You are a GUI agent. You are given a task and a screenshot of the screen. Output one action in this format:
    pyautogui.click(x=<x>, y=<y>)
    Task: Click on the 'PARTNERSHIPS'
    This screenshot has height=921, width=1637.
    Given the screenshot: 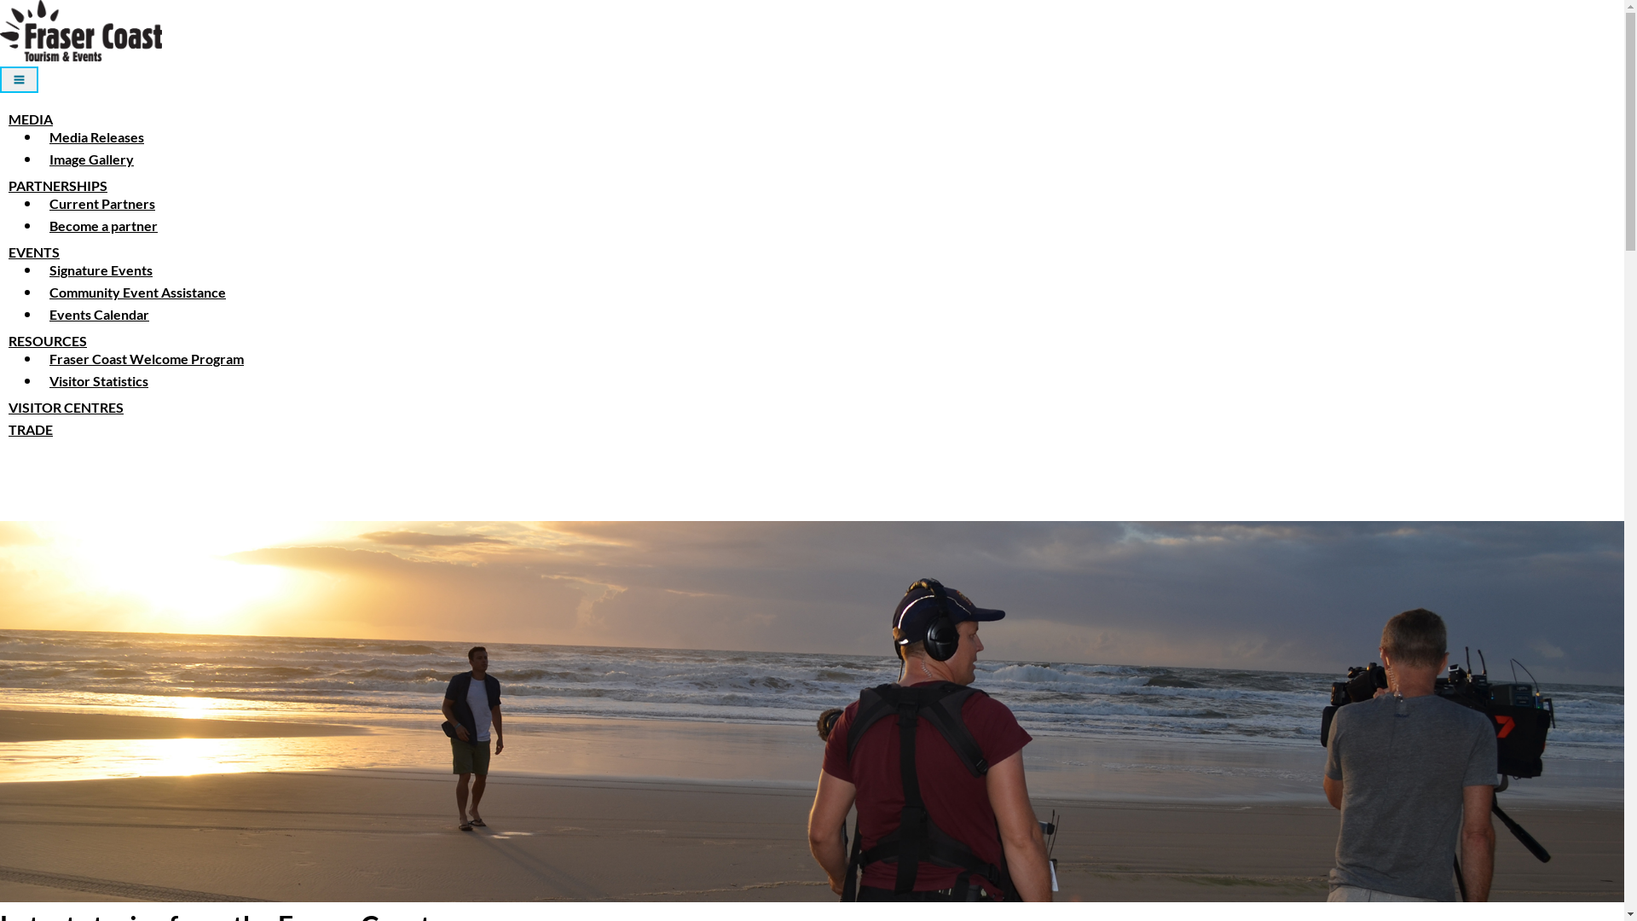 What is the action you would take?
    pyautogui.click(x=57, y=185)
    